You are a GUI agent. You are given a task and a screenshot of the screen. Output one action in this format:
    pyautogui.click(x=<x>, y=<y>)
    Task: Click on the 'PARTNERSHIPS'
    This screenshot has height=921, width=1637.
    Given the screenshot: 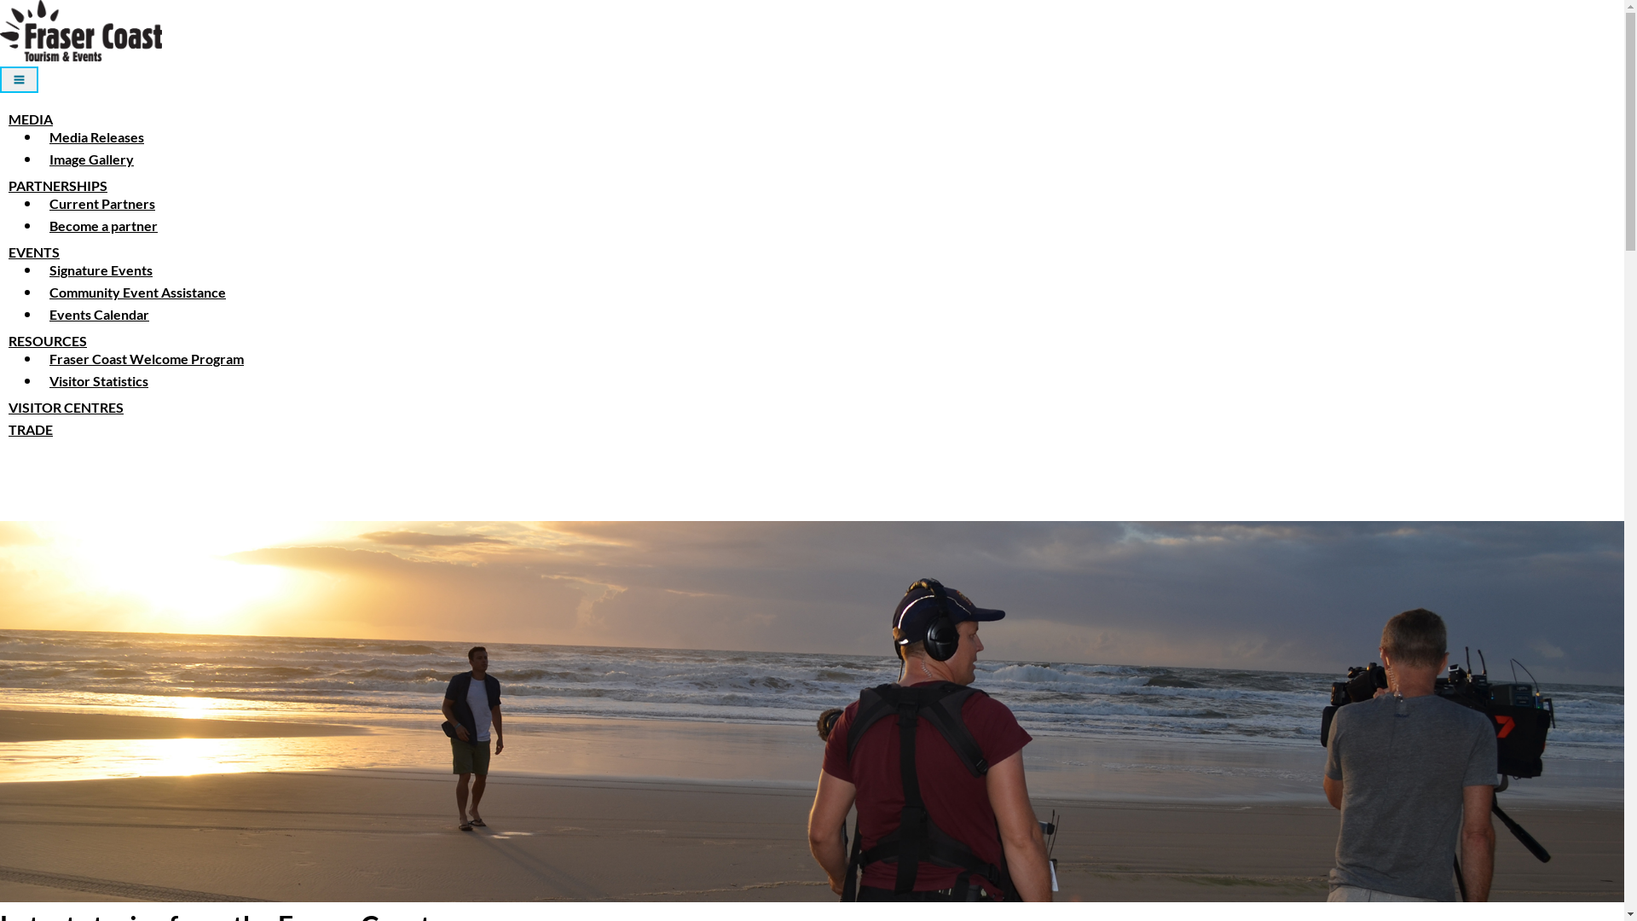 What is the action you would take?
    pyautogui.click(x=57, y=185)
    